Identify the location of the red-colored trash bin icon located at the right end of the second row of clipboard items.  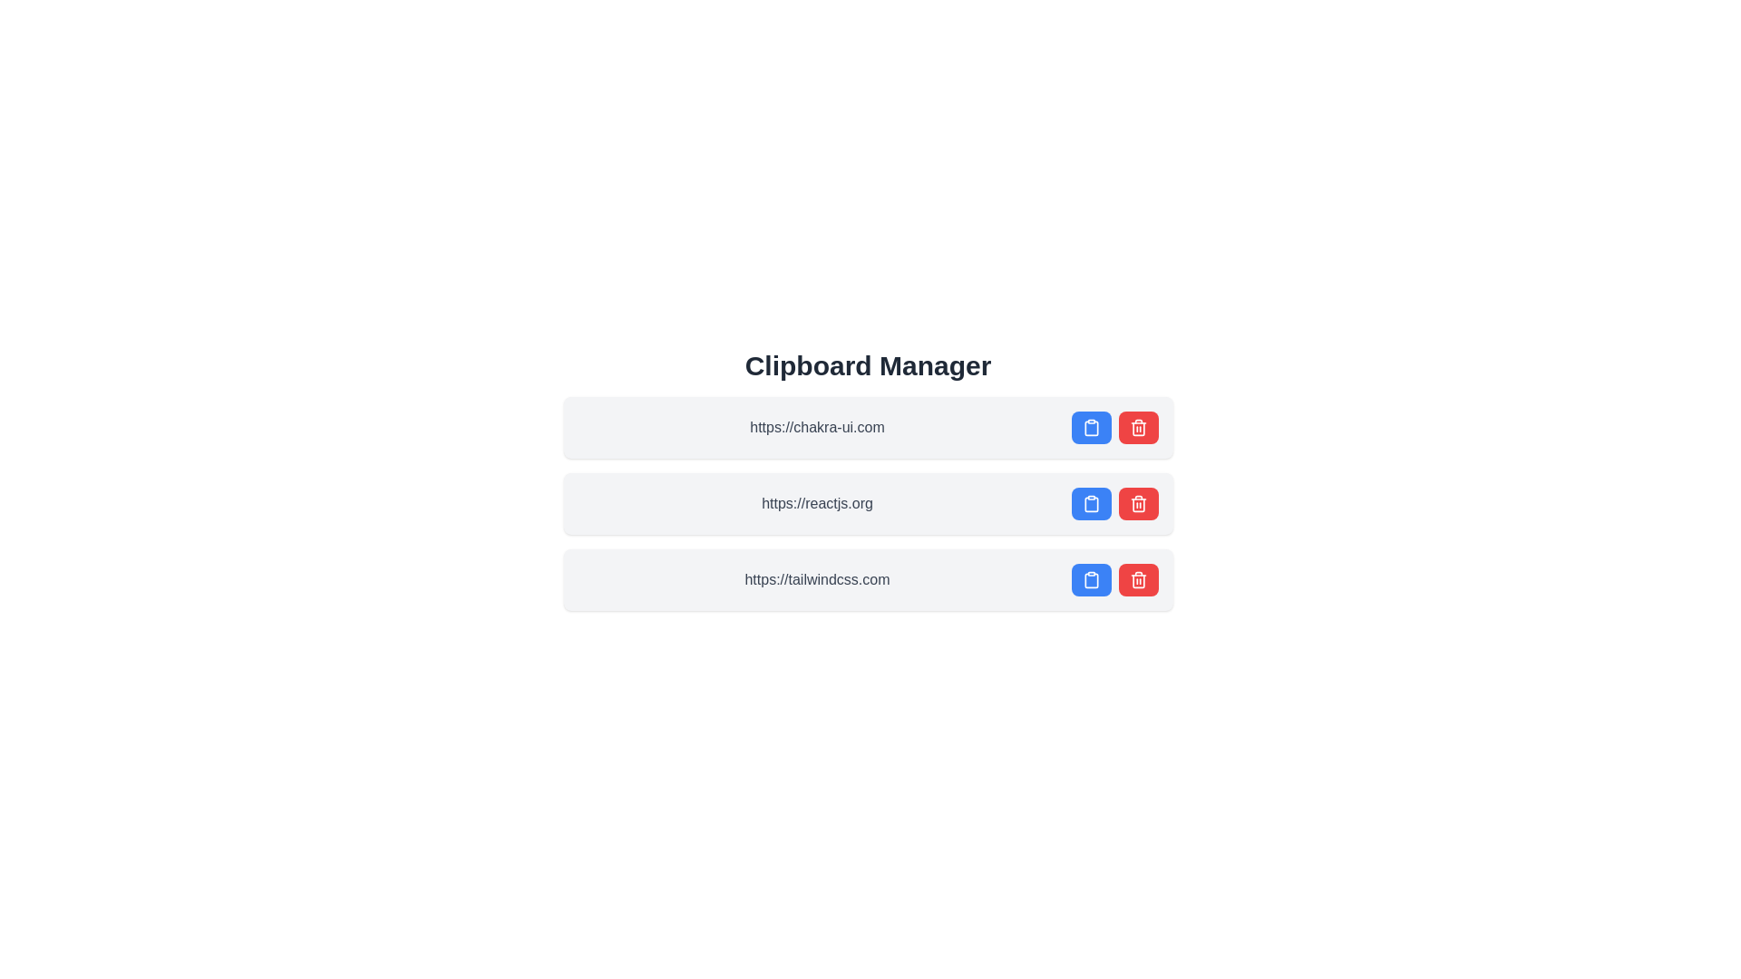
(1137, 503).